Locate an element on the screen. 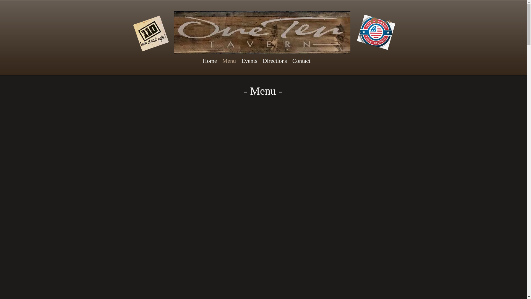 The width and height of the screenshot is (531, 299). 'Events' is located at coordinates (239, 61).